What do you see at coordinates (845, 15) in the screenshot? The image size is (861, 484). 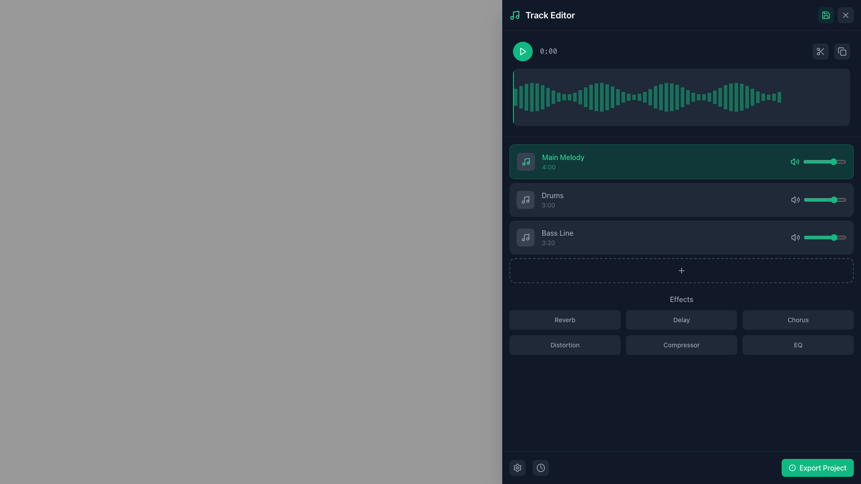 I see `the close or dismiss button represented by an 'X' icon located at the top-right corner of the application interface` at bounding box center [845, 15].